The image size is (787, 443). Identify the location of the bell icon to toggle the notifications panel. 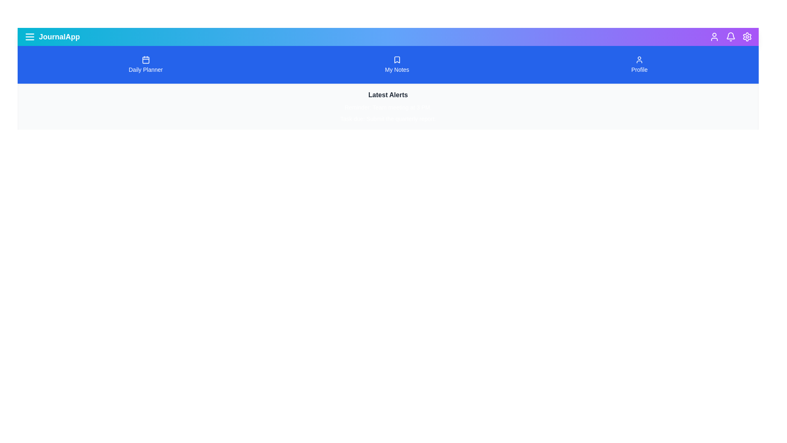
(730, 36).